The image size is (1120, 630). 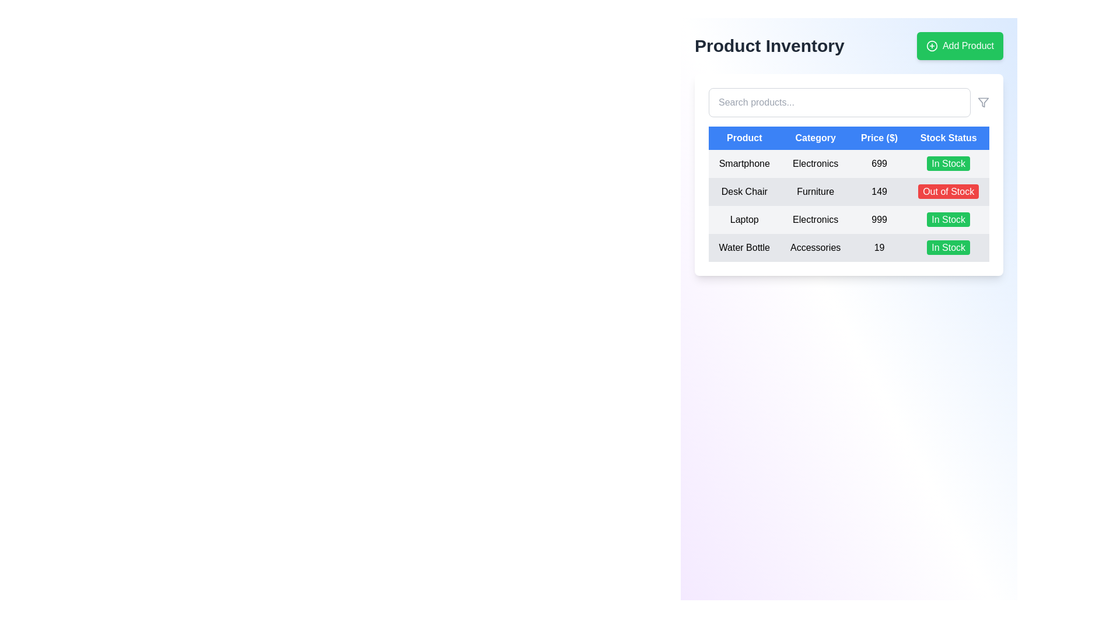 What do you see at coordinates (982, 102) in the screenshot?
I see `the small gray funnel icon located to the right of the search input box in the 'Product Inventory' section` at bounding box center [982, 102].